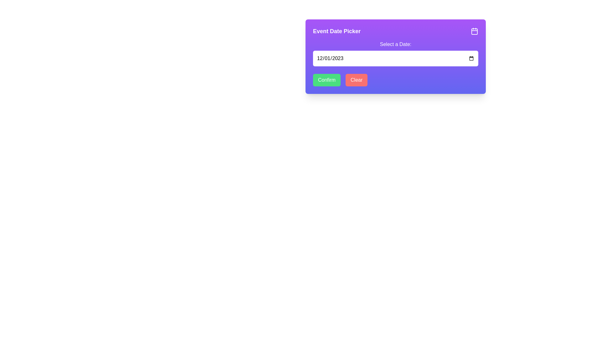  I want to click on the date input field of the component that allows users, so click(395, 57).